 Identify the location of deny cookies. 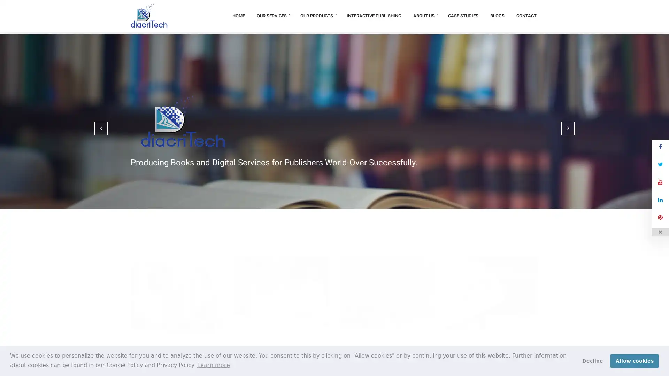
(592, 360).